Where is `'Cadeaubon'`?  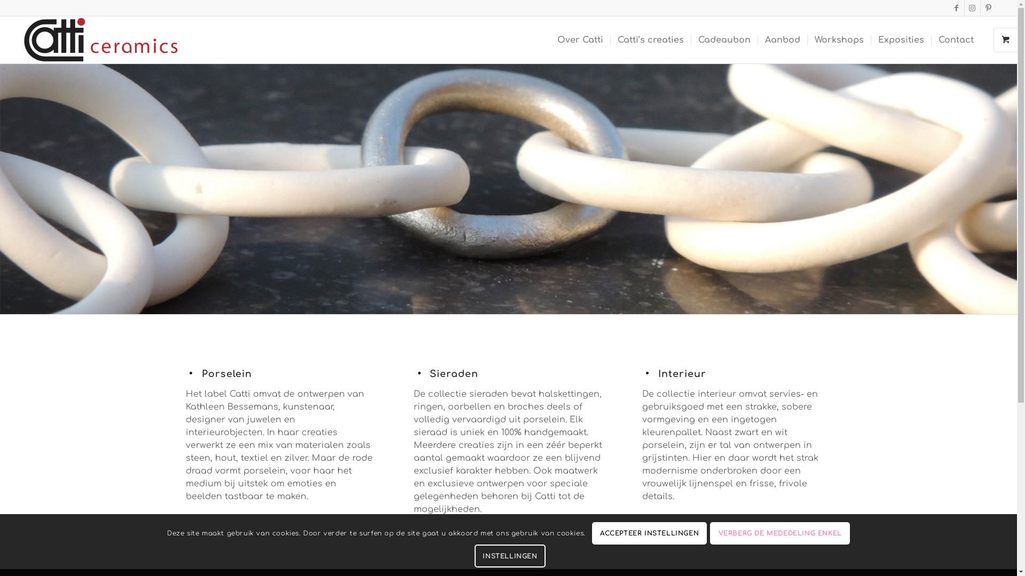 'Cadeaubon' is located at coordinates (724, 39).